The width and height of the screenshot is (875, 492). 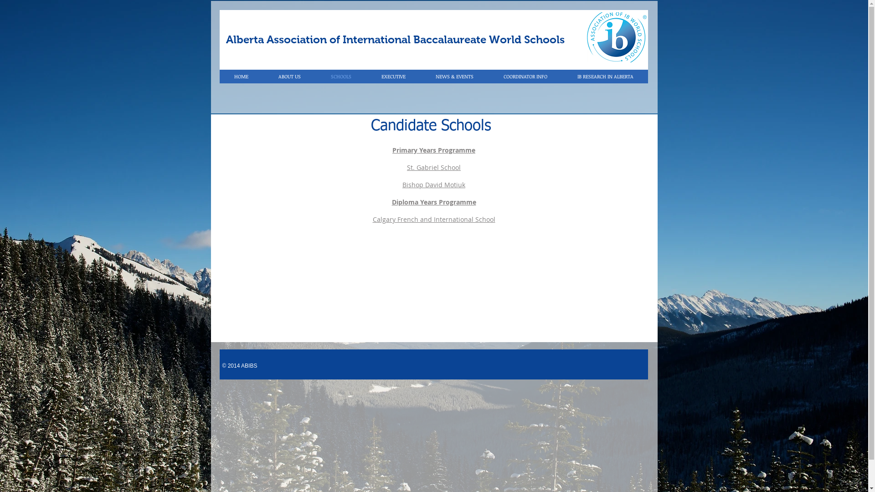 What do you see at coordinates (561, 76) in the screenshot?
I see `'IB RESEARCH IN ALBERTA'` at bounding box center [561, 76].